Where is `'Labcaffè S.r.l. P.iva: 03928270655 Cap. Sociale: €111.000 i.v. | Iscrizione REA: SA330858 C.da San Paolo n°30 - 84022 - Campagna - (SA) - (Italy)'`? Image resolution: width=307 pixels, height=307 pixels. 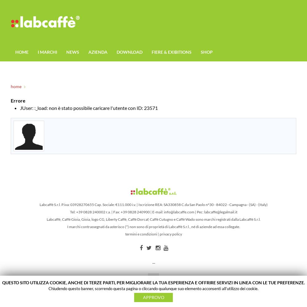
'Labcaffè S.r.l. P.iva: 03928270655 Cap. Sociale: €111.000 i.v. | Iscrizione REA: SA330858 C.da San Paolo n°30 - 84022 - Campagna - (SA) - (Italy)' is located at coordinates (153, 204).